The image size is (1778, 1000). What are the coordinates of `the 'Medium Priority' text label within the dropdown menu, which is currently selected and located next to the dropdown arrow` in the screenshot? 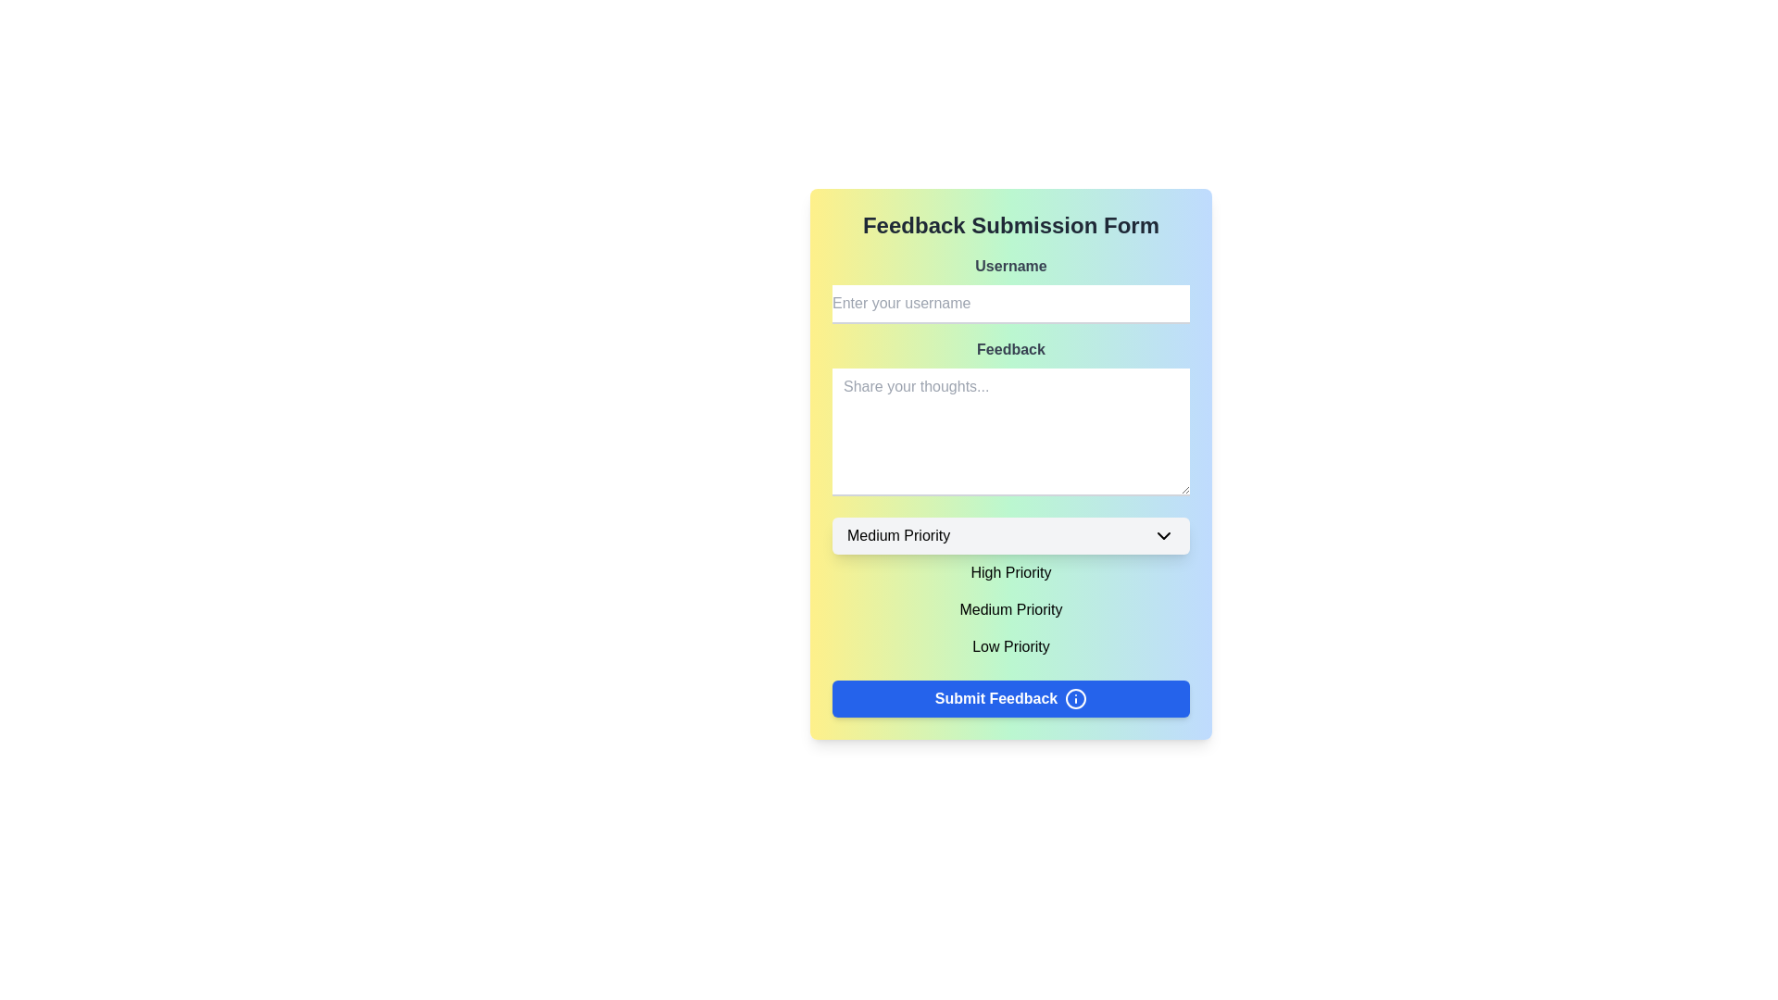 It's located at (898, 535).